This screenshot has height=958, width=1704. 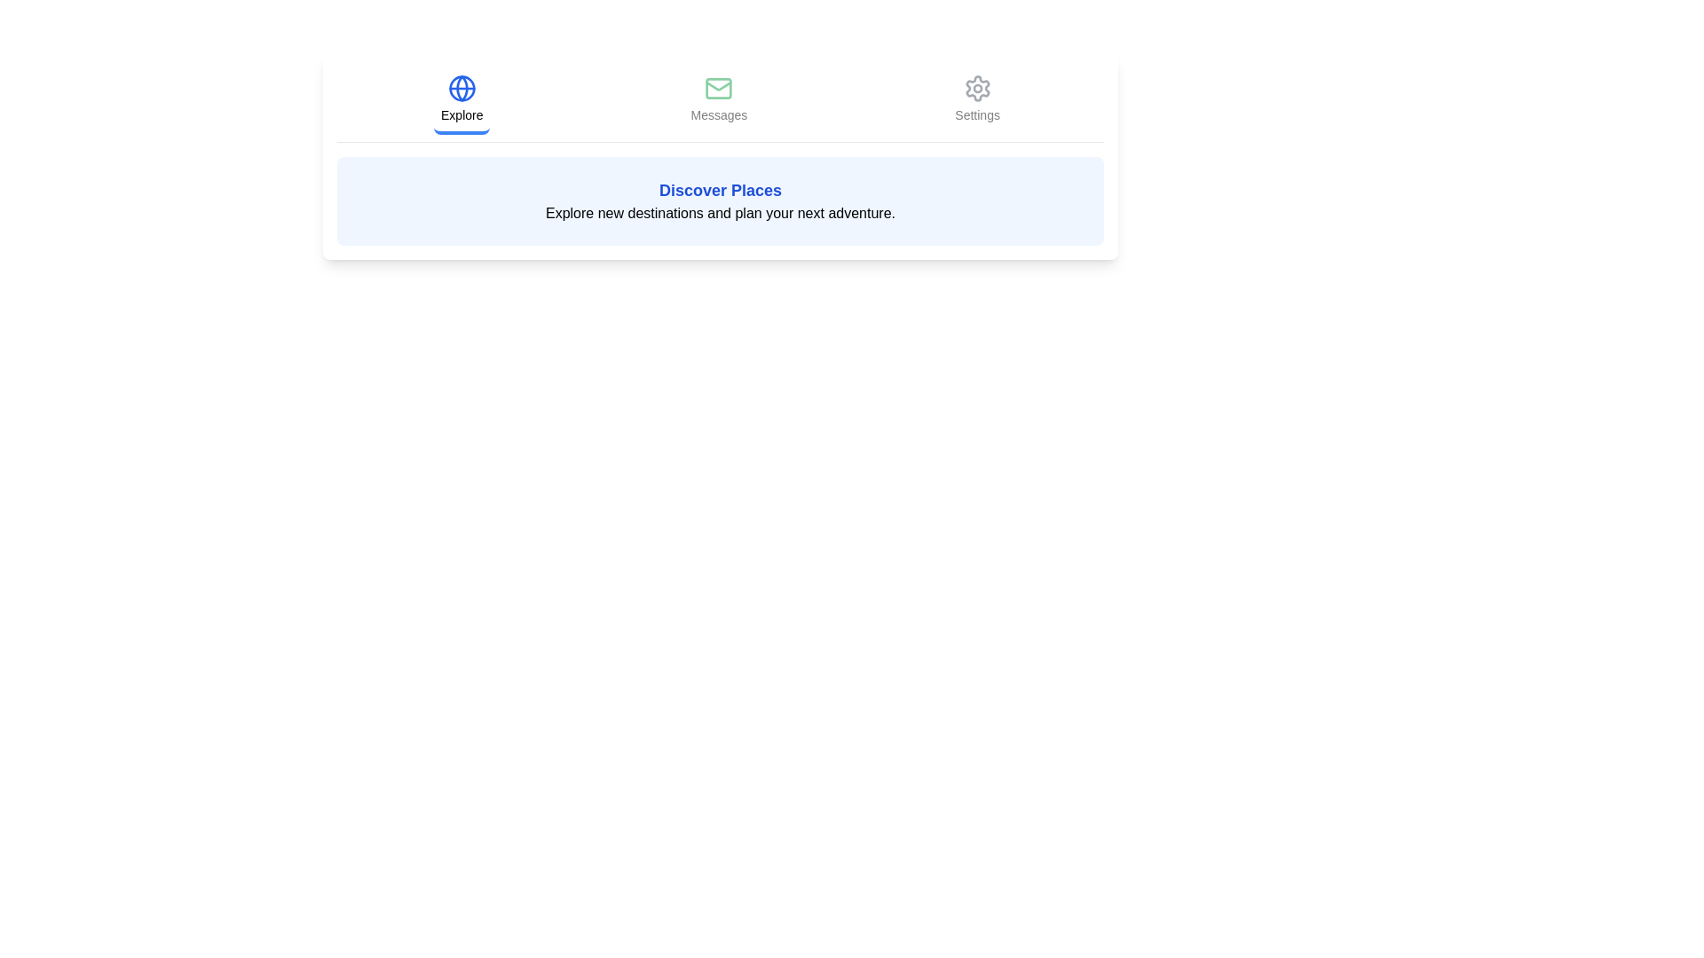 What do you see at coordinates (461, 101) in the screenshot?
I see `the Explore tab` at bounding box center [461, 101].